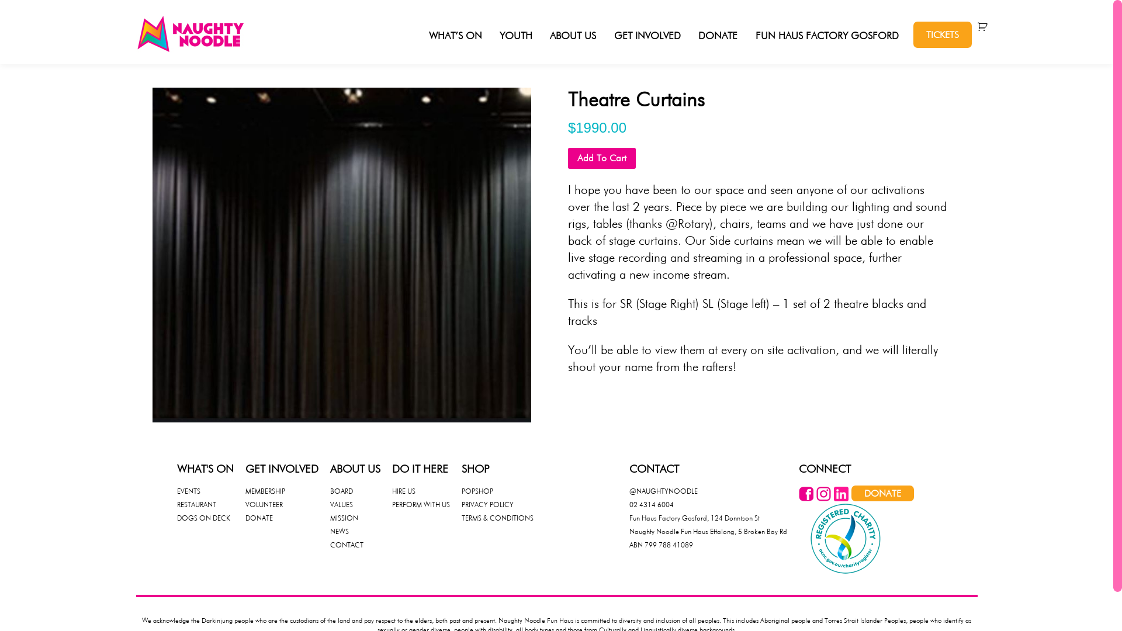  What do you see at coordinates (263, 504) in the screenshot?
I see `'VOLUNTEER'` at bounding box center [263, 504].